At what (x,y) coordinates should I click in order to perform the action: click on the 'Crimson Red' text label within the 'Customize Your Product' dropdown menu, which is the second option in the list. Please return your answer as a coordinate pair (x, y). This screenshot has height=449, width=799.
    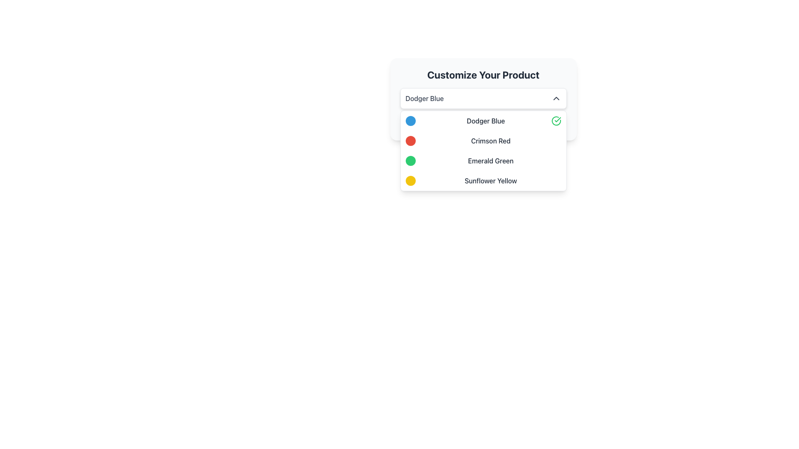
    Looking at the image, I should click on (491, 141).